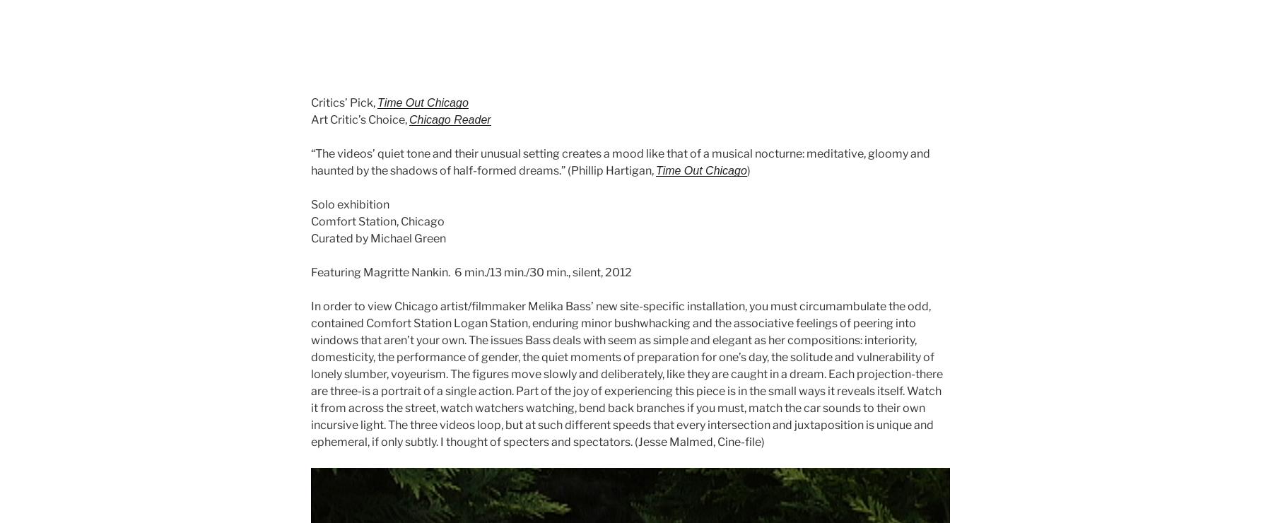 This screenshot has height=523, width=1261. Describe the element at coordinates (350, 204) in the screenshot. I see `'Solo exhibition'` at that location.